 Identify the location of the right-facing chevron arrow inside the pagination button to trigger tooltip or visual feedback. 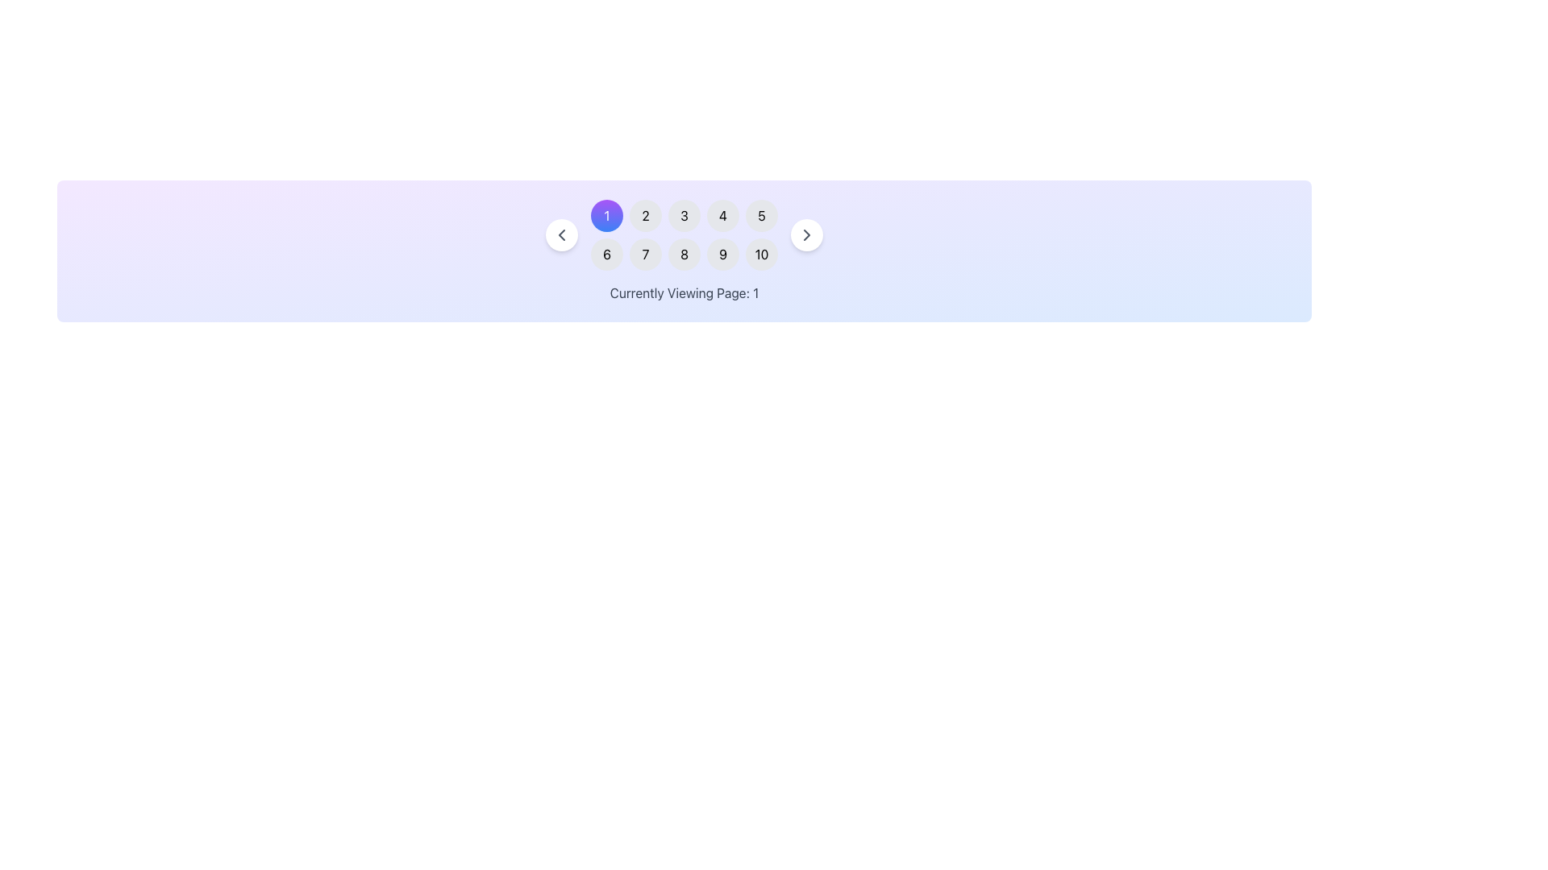
(807, 235).